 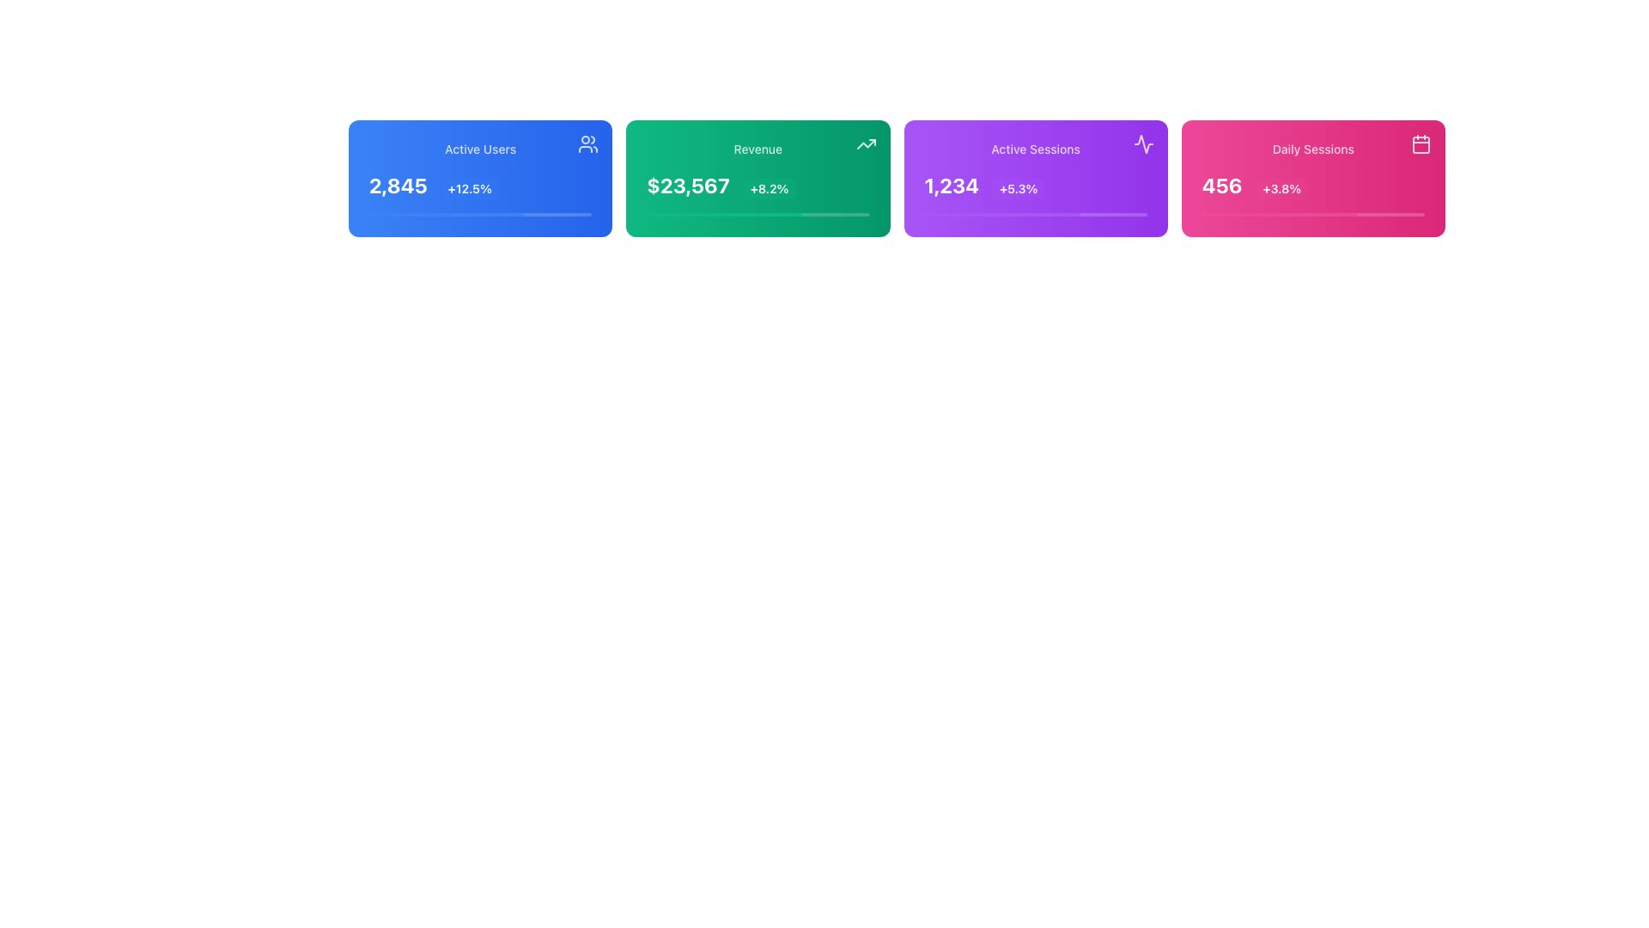 What do you see at coordinates (757, 148) in the screenshot?
I see `the descriptive label located at the top of the dashboard card, which provides context for the revenue amount and percentage change` at bounding box center [757, 148].